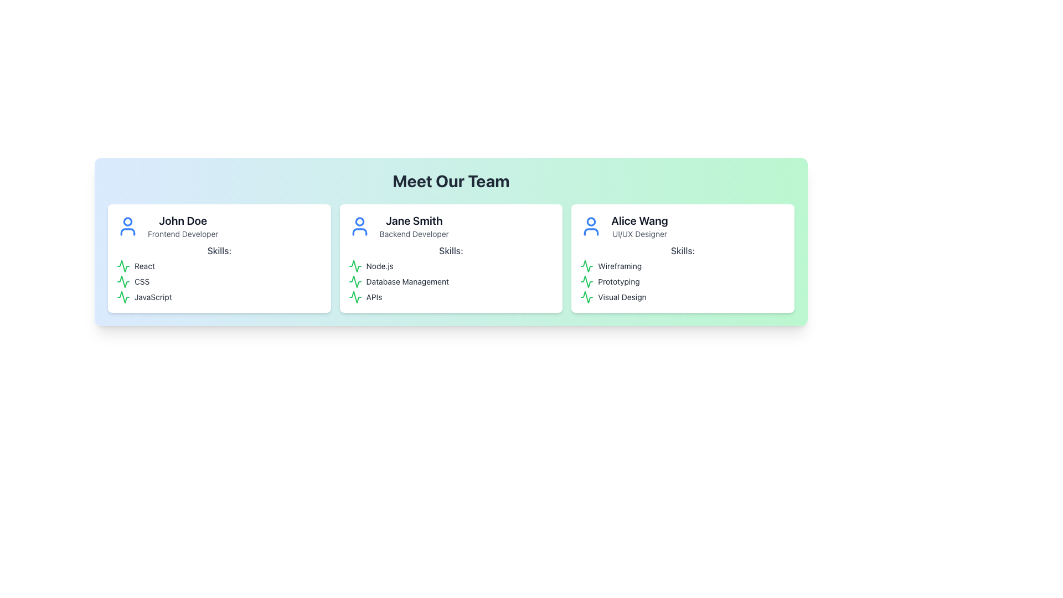 This screenshot has height=598, width=1063. Describe the element at coordinates (123, 296) in the screenshot. I see `the green line chart-shaped icon located in the Skills section of John Doe's profile card, positioned below the 'JavaScript' text` at that location.